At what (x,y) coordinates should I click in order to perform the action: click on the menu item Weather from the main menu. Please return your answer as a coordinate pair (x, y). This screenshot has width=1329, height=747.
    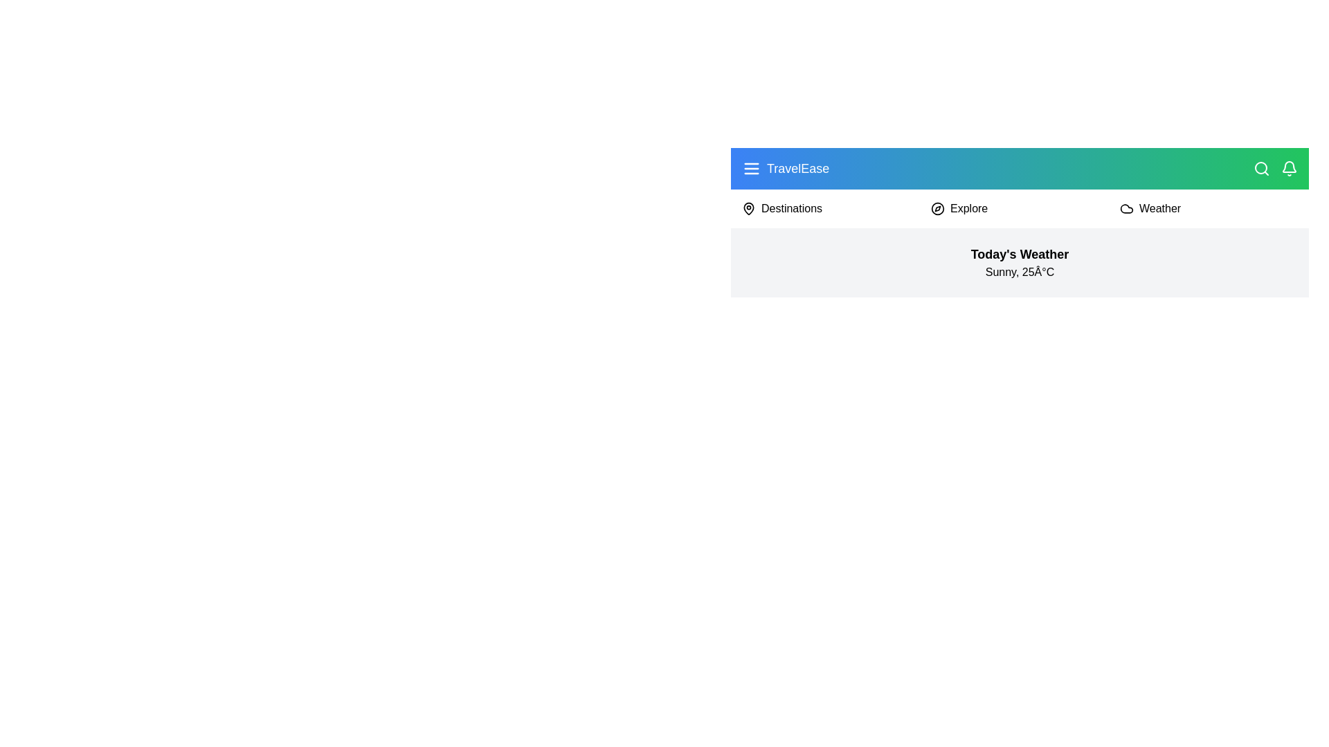
    Looking at the image, I should click on (1159, 208).